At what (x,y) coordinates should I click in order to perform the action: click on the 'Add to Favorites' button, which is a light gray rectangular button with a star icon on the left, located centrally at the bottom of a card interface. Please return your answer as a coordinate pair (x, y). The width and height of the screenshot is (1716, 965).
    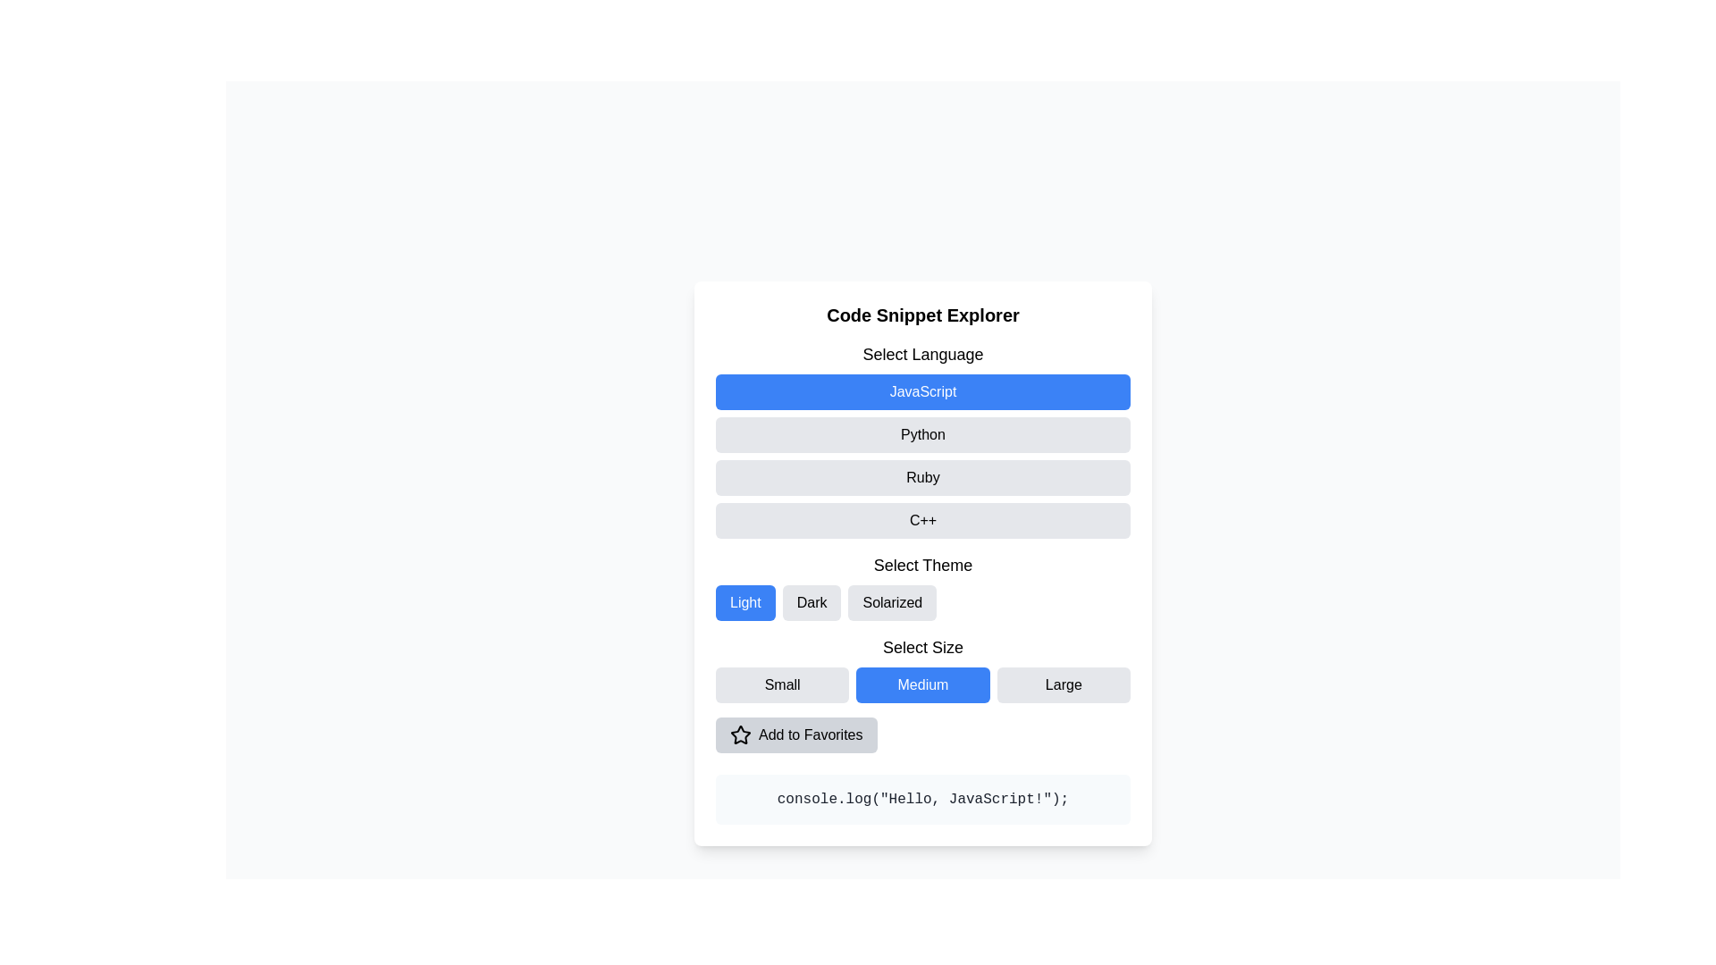
    Looking at the image, I should click on (795, 734).